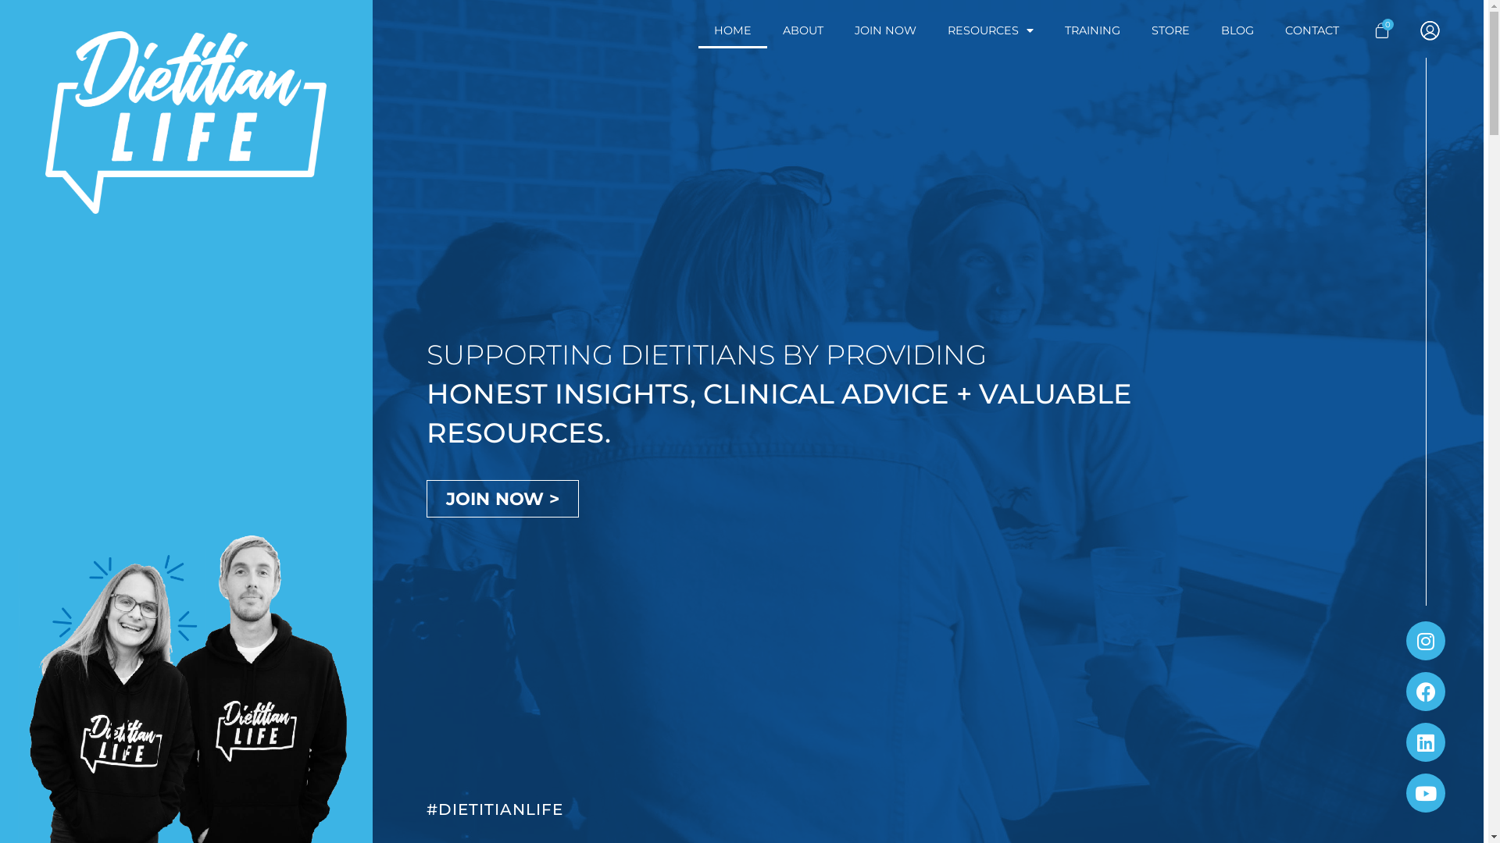  Describe the element at coordinates (1365, 30) in the screenshot. I see `'0'` at that location.